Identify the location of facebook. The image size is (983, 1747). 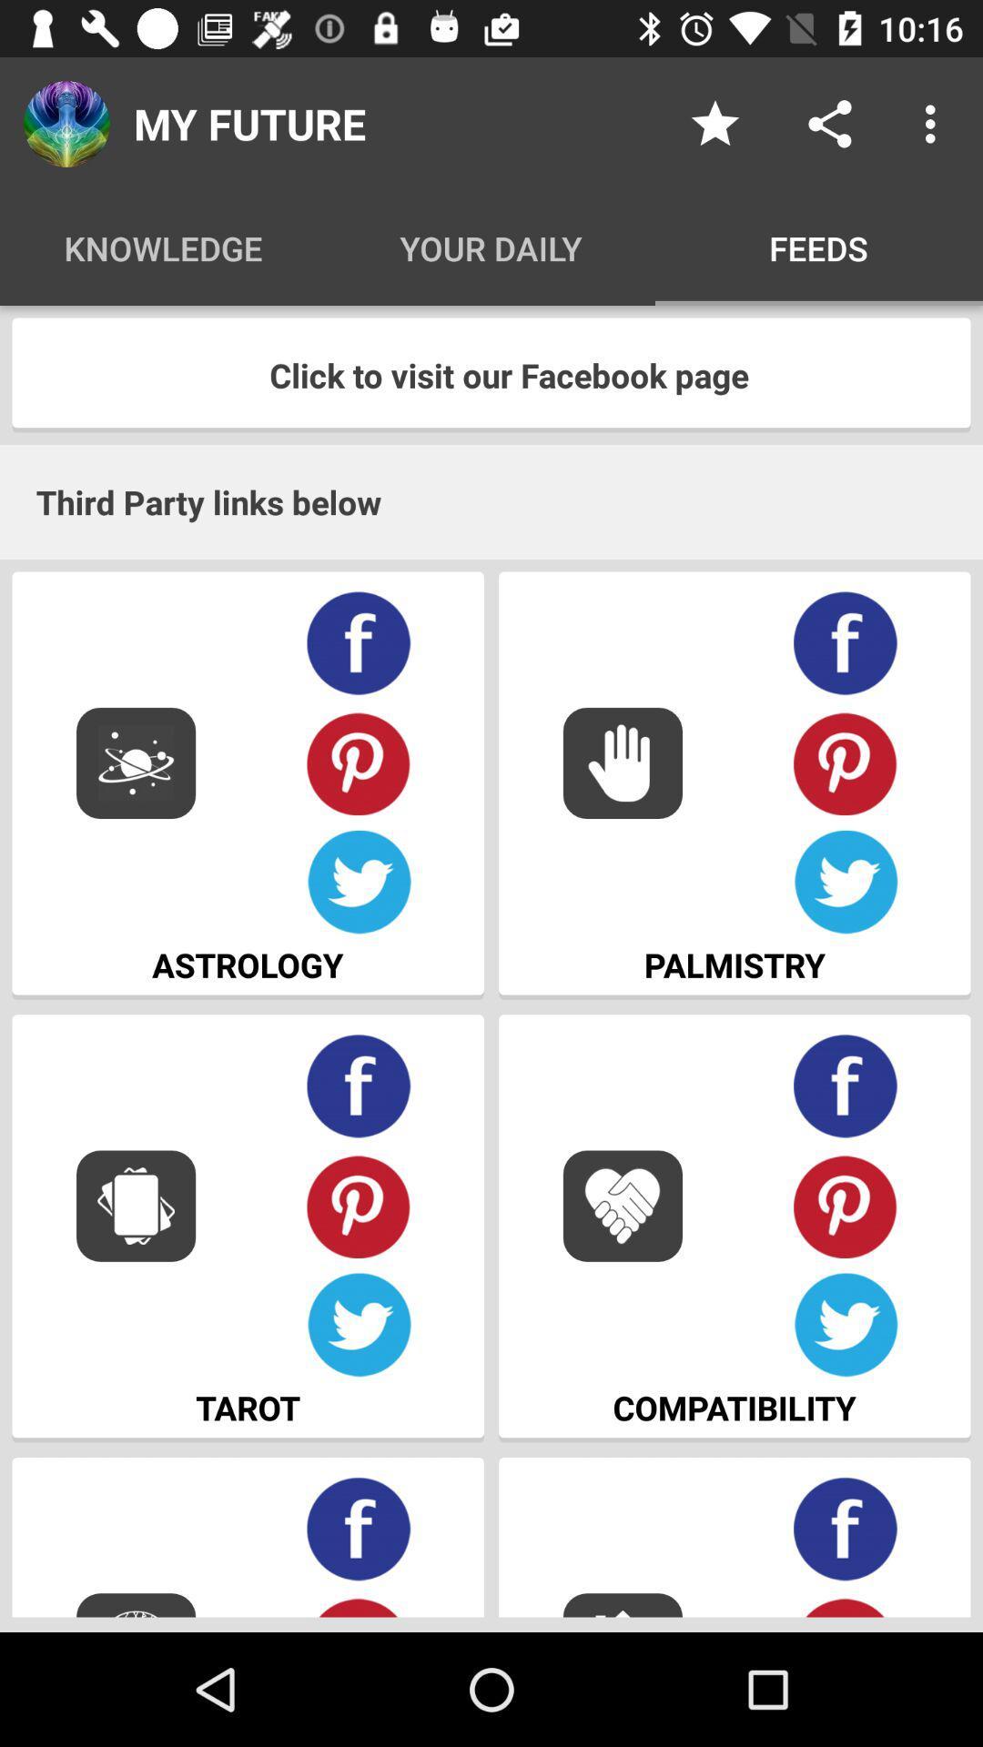
(359, 1086).